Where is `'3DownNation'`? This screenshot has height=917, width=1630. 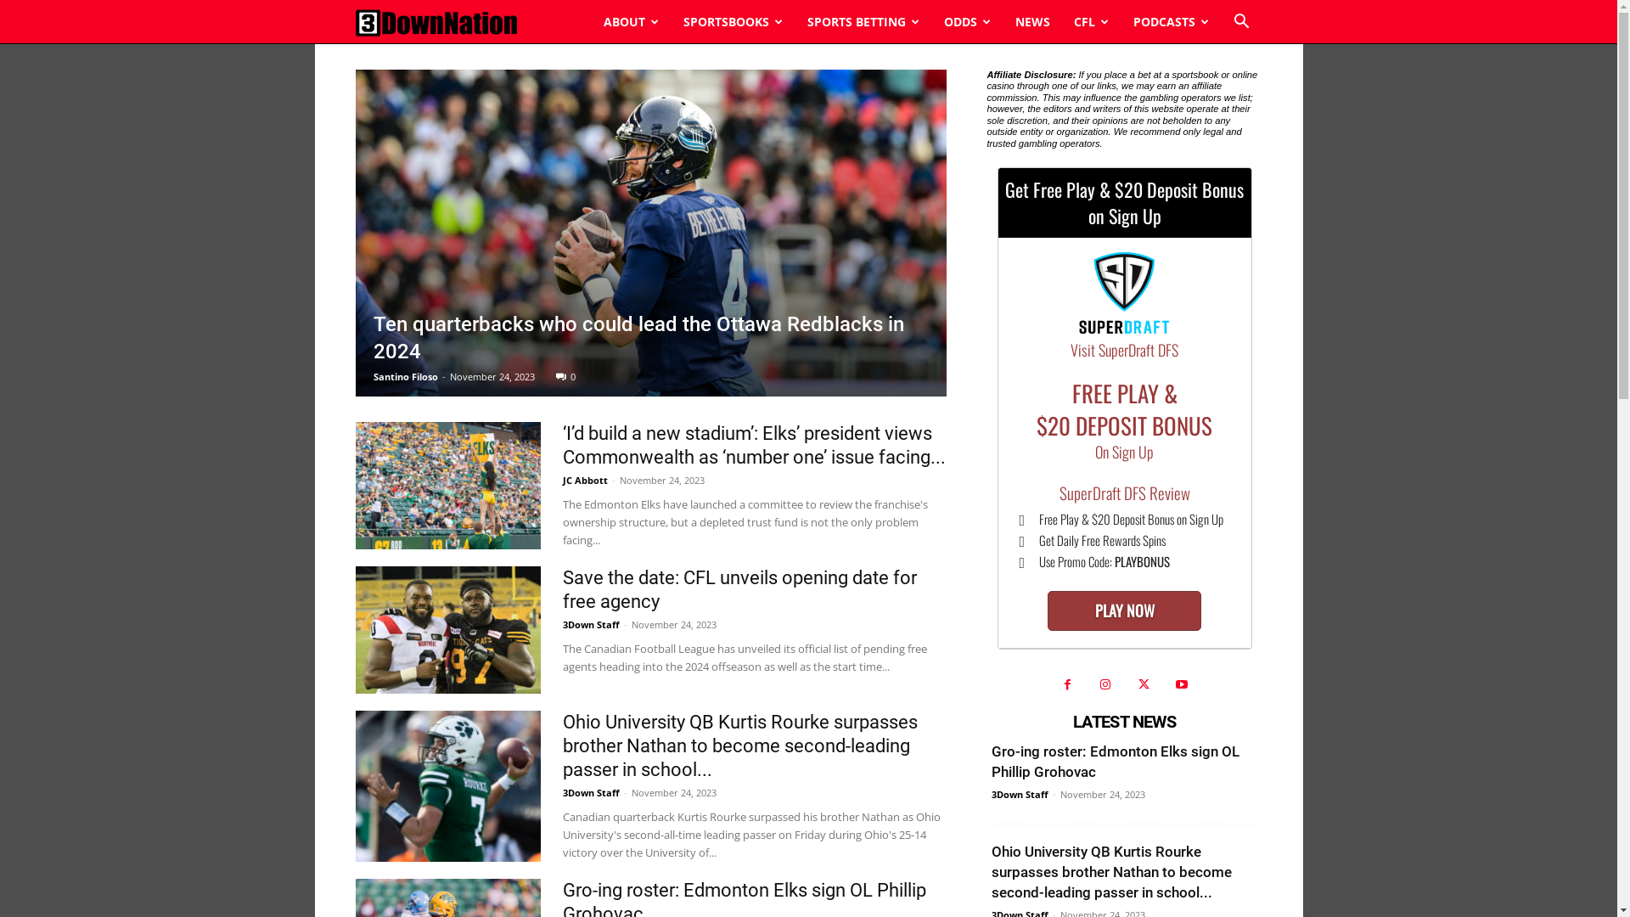 '3DownNation' is located at coordinates (436, 22).